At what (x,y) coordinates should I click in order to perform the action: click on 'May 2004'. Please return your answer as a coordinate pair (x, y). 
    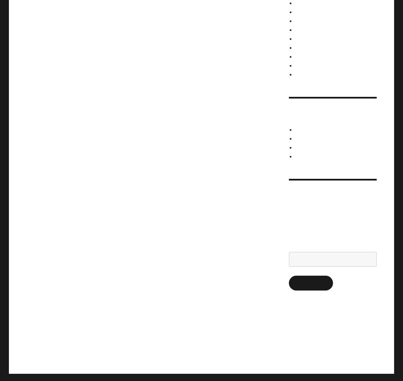
    Looking at the image, I should click on (306, 56).